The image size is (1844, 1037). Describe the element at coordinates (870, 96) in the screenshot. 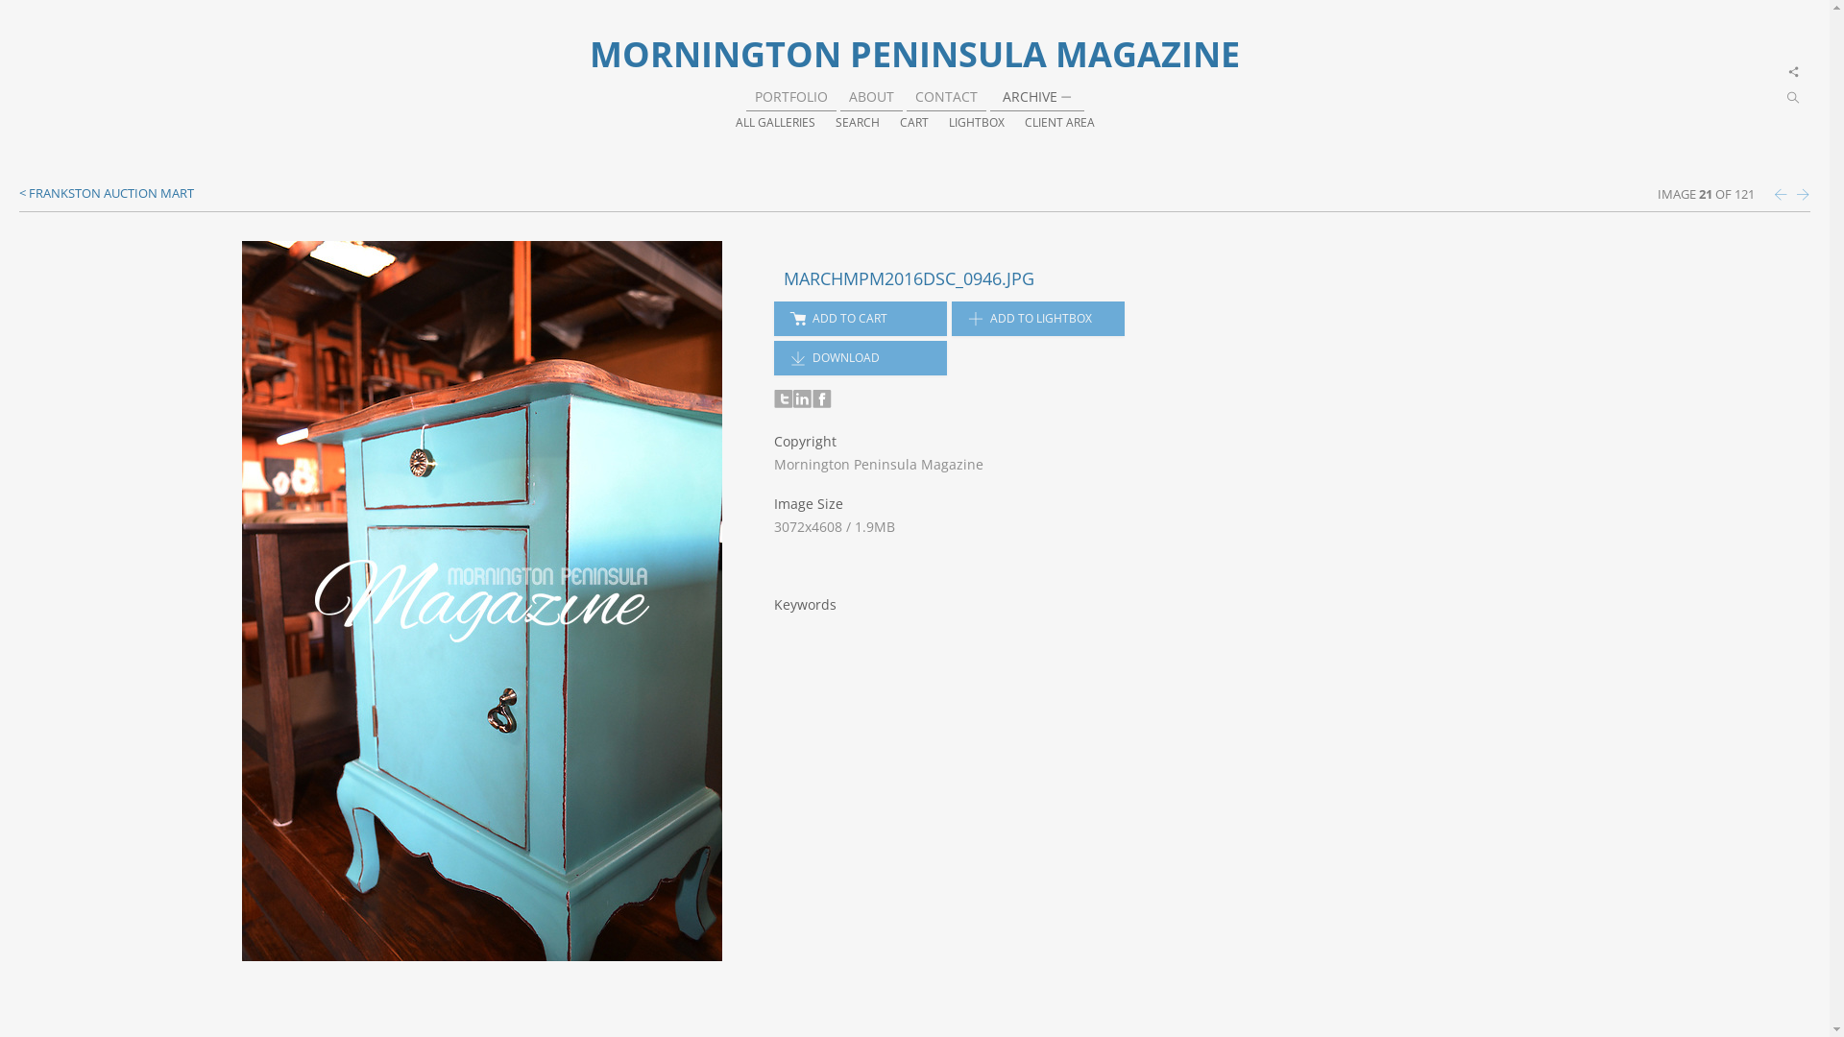

I see `'ABOUT'` at that location.